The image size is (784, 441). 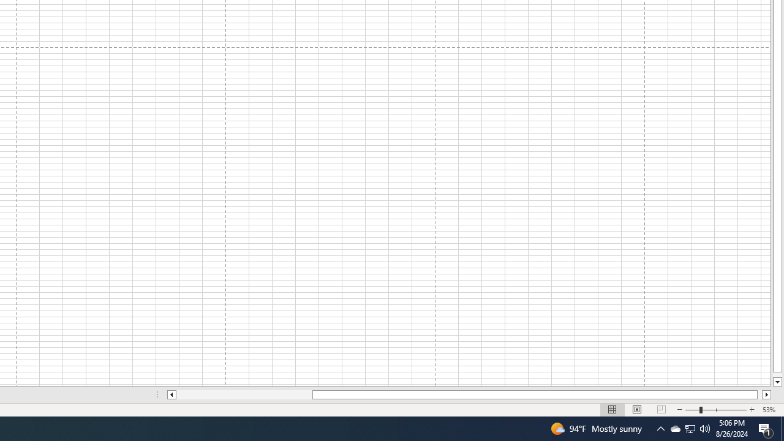 What do you see at coordinates (660, 410) in the screenshot?
I see `'Page Break Preview'` at bounding box center [660, 410].